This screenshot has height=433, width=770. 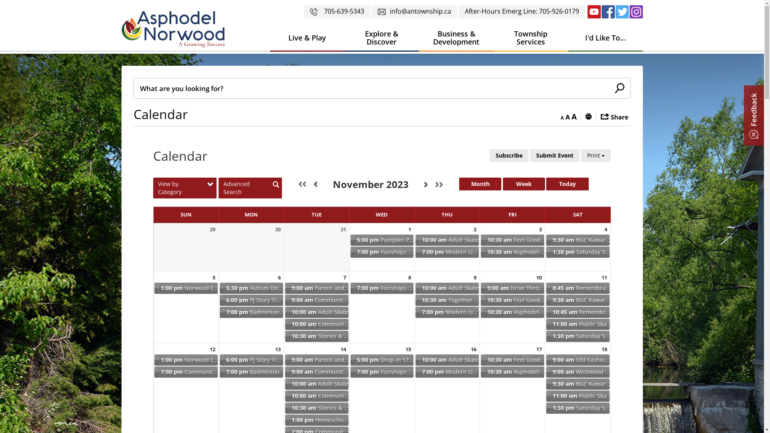 What do you see at coordinates (350, 239) in the screenshot?
I see `'5:00 pm Pumpkin Parade'` at bounding box center [350, 239].